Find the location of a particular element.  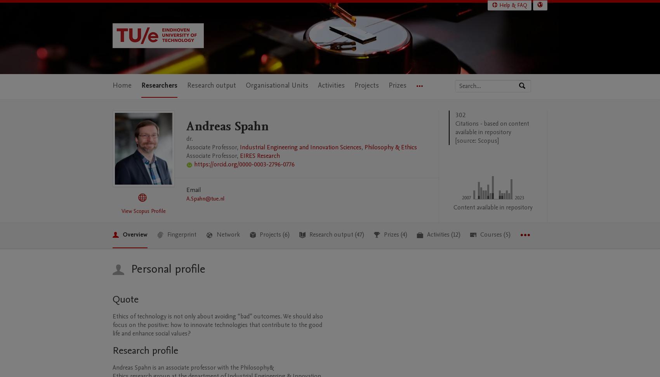

'nl' is located at coordinates (222, 198).